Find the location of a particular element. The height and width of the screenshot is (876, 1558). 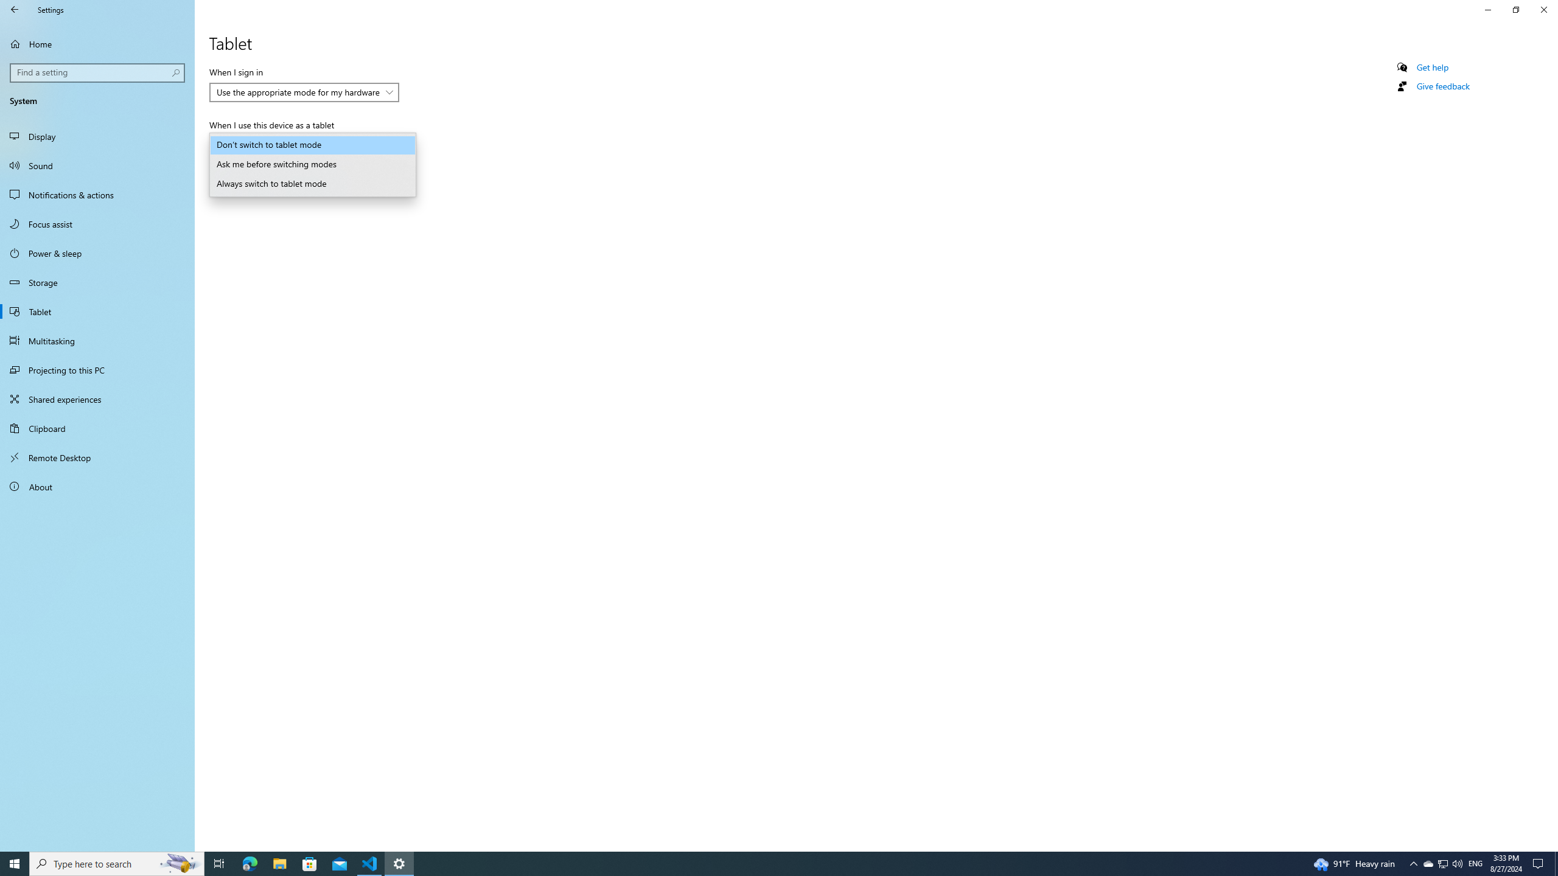

'Always switch to tablet mode' is located at coordinates (312, 184).